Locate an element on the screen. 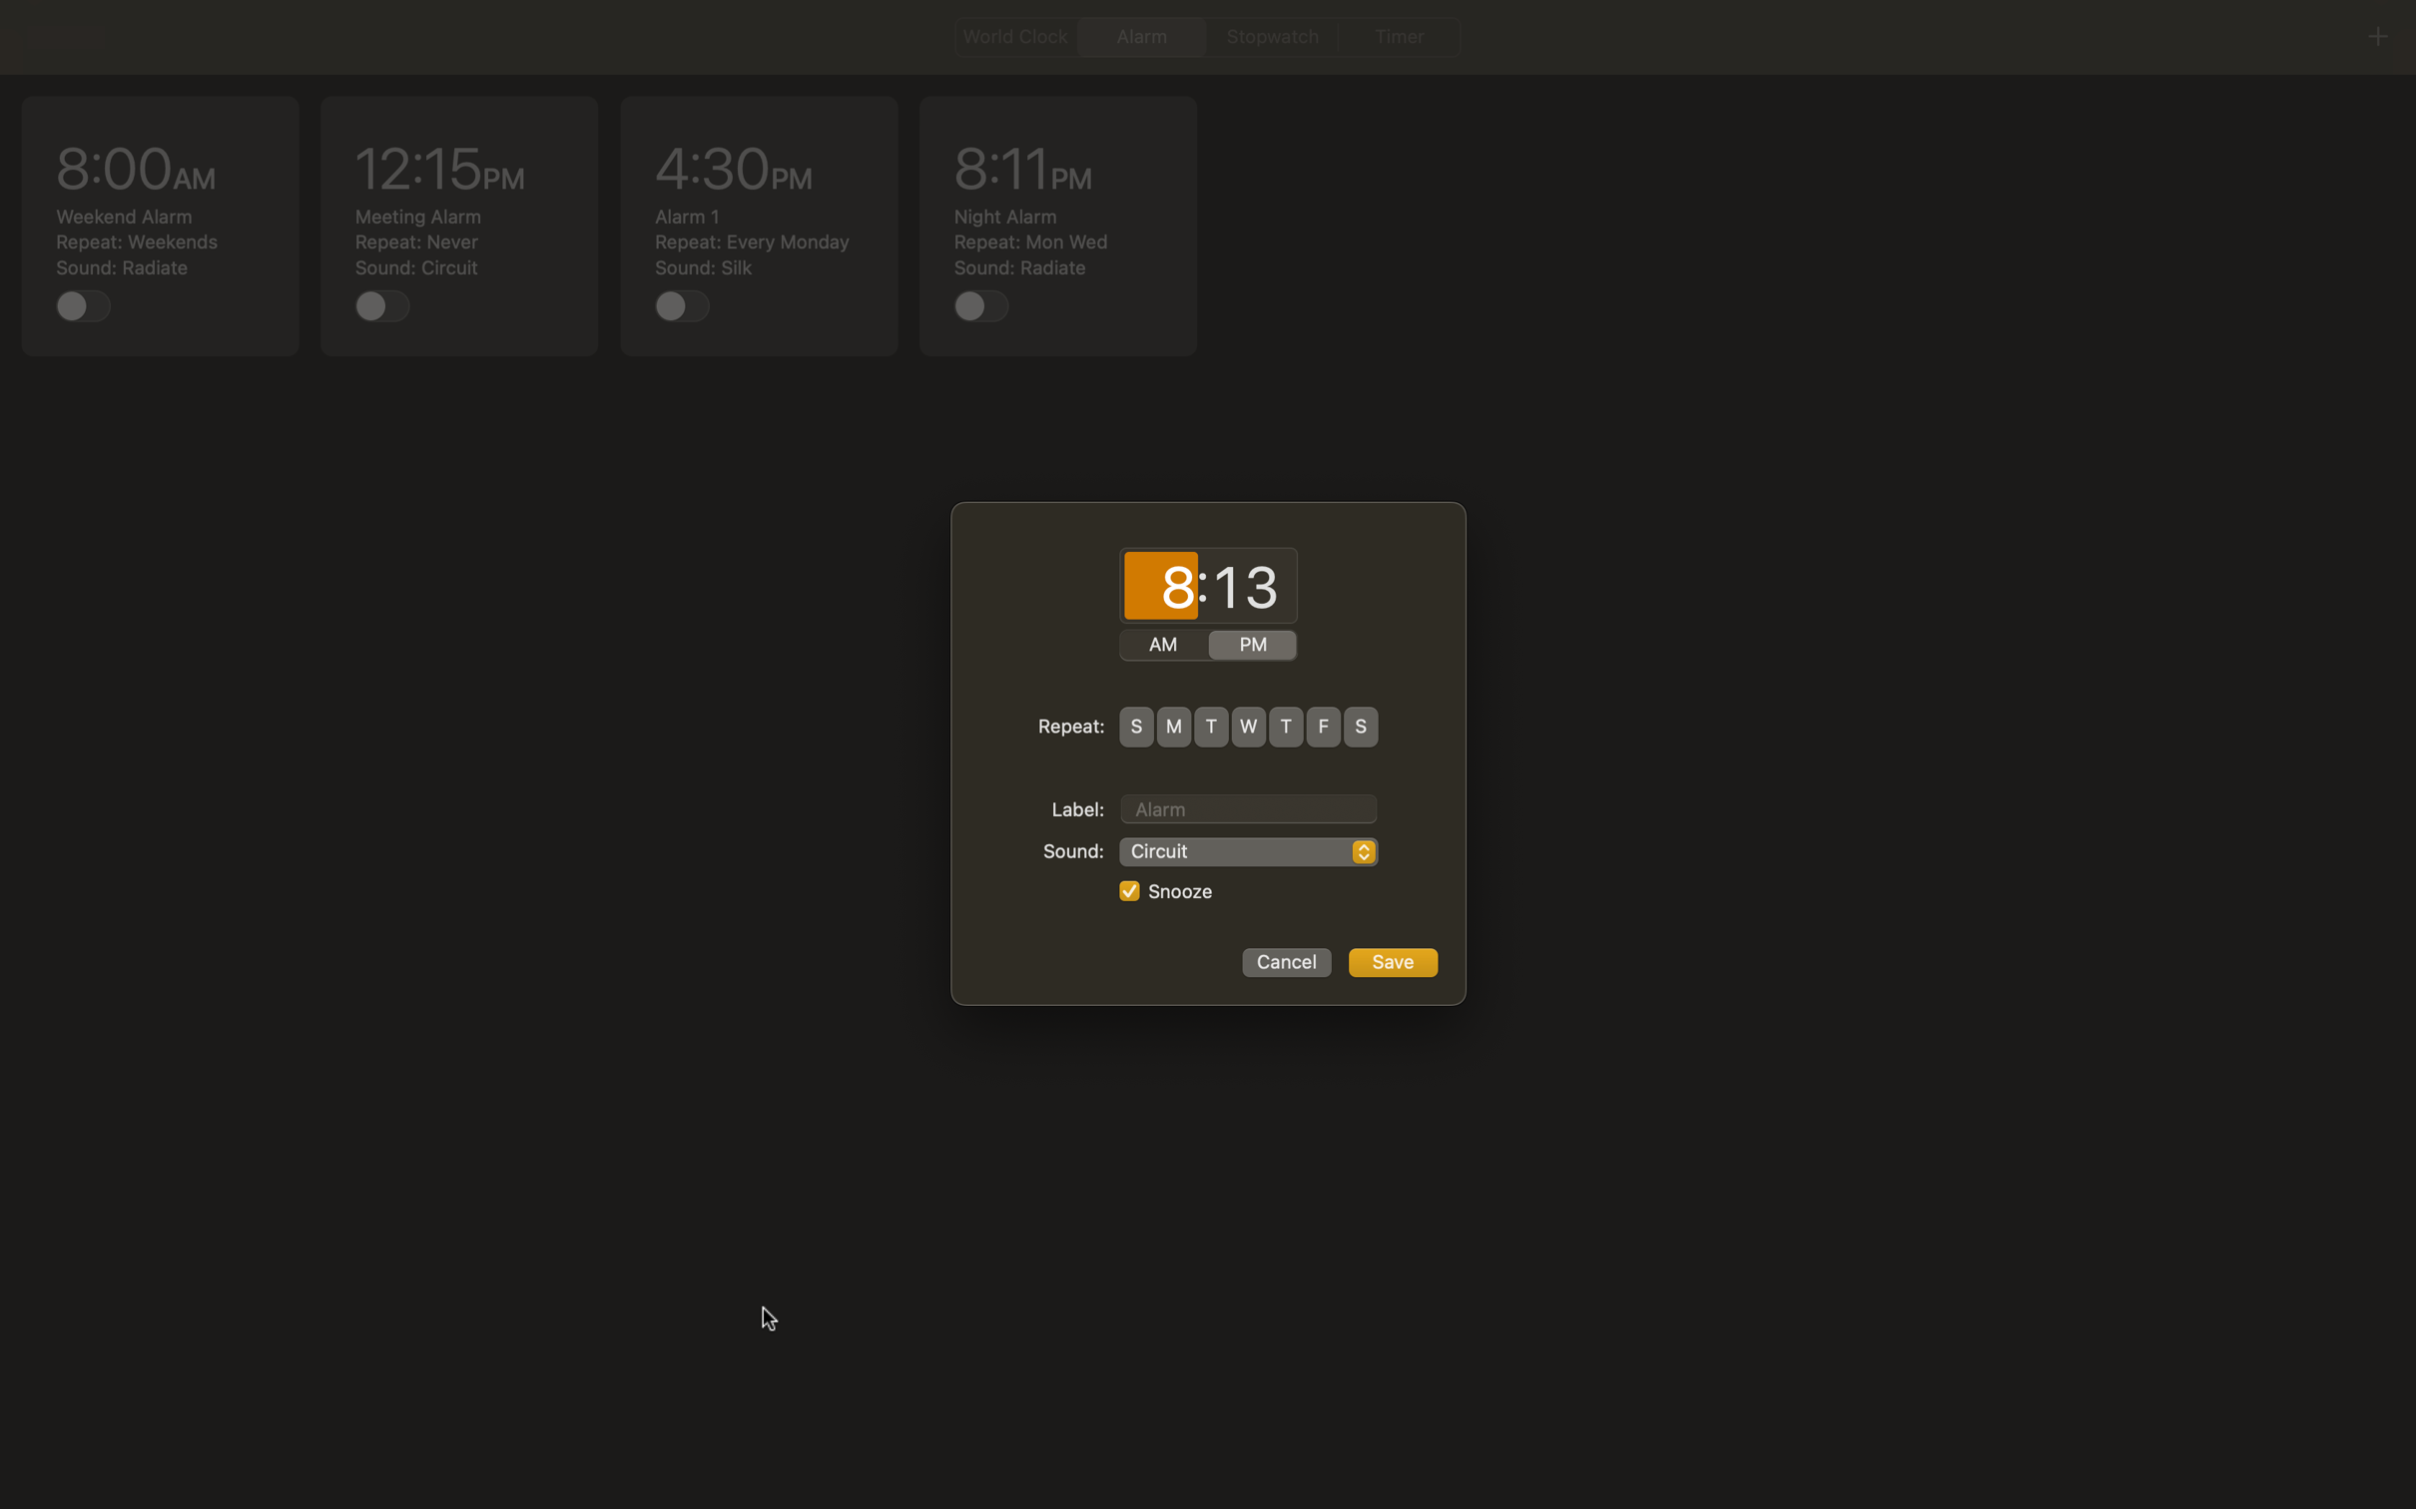  Update the application"s timing configuration to 7 hours and 45 minutes is located at coordinates (1160, 587).